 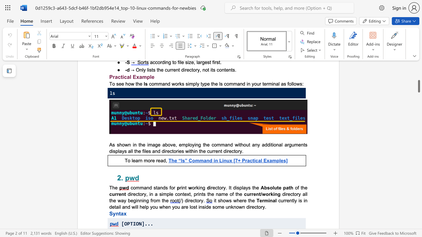 What do you see at coordinates (160, 188) in the screenshot?
I see `the subset text "nds for" within the text "command stands for"` at bounding box center [160, 188].